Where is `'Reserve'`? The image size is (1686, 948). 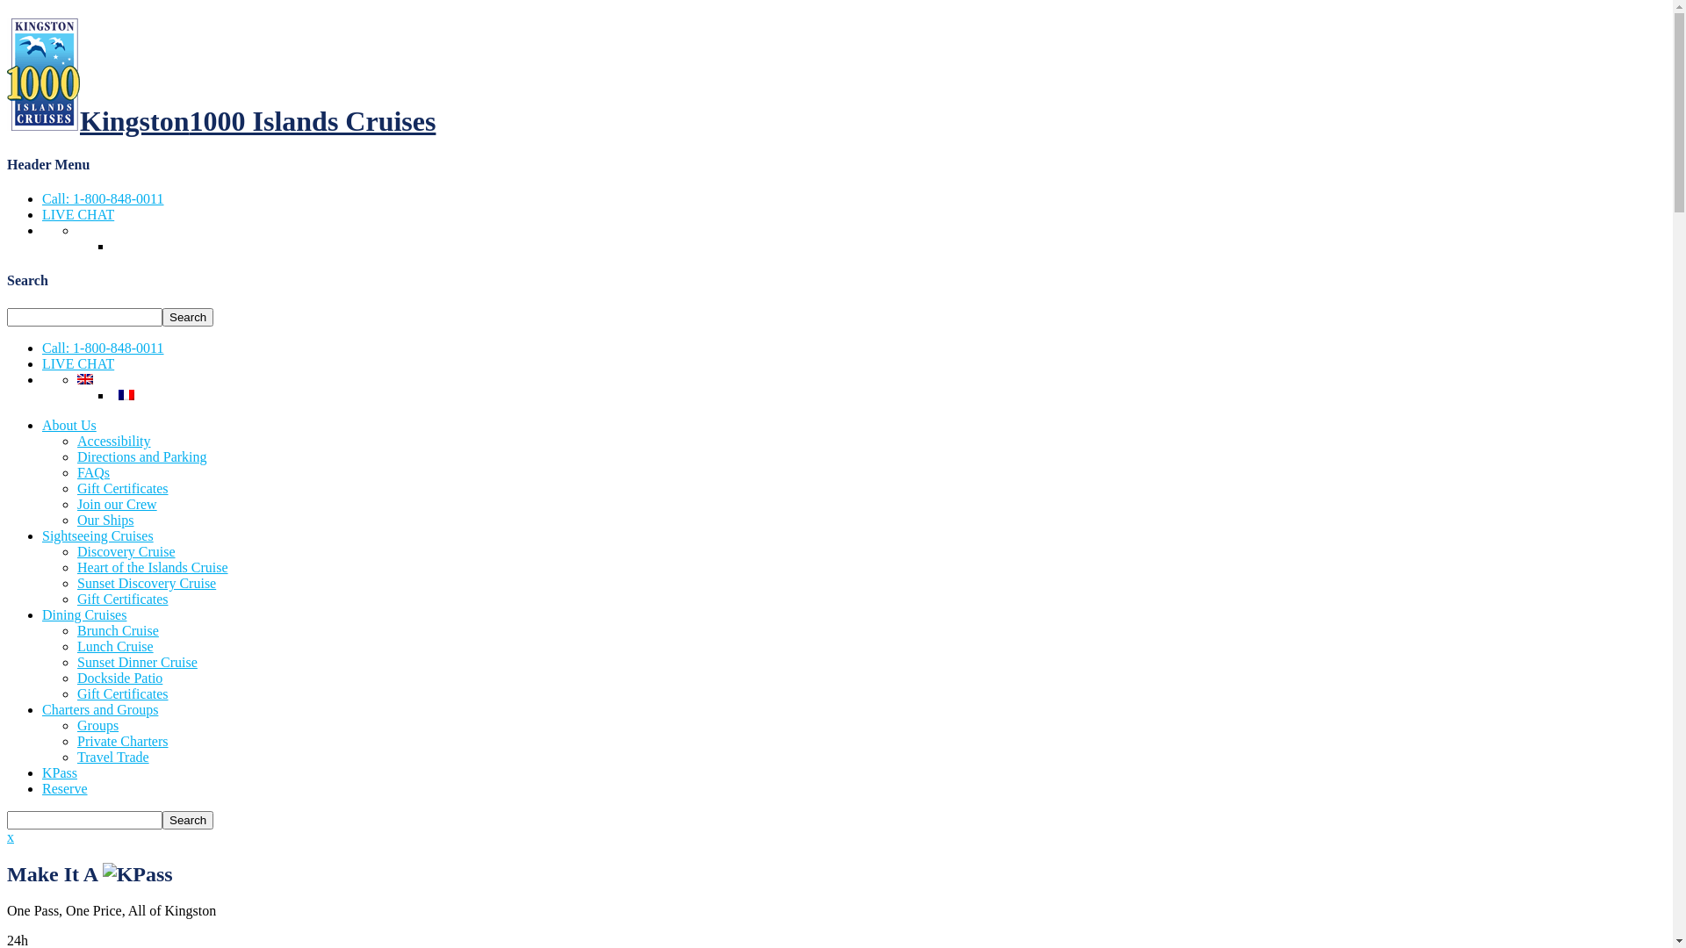
'Reserve' is located at coordinates (64, 787).